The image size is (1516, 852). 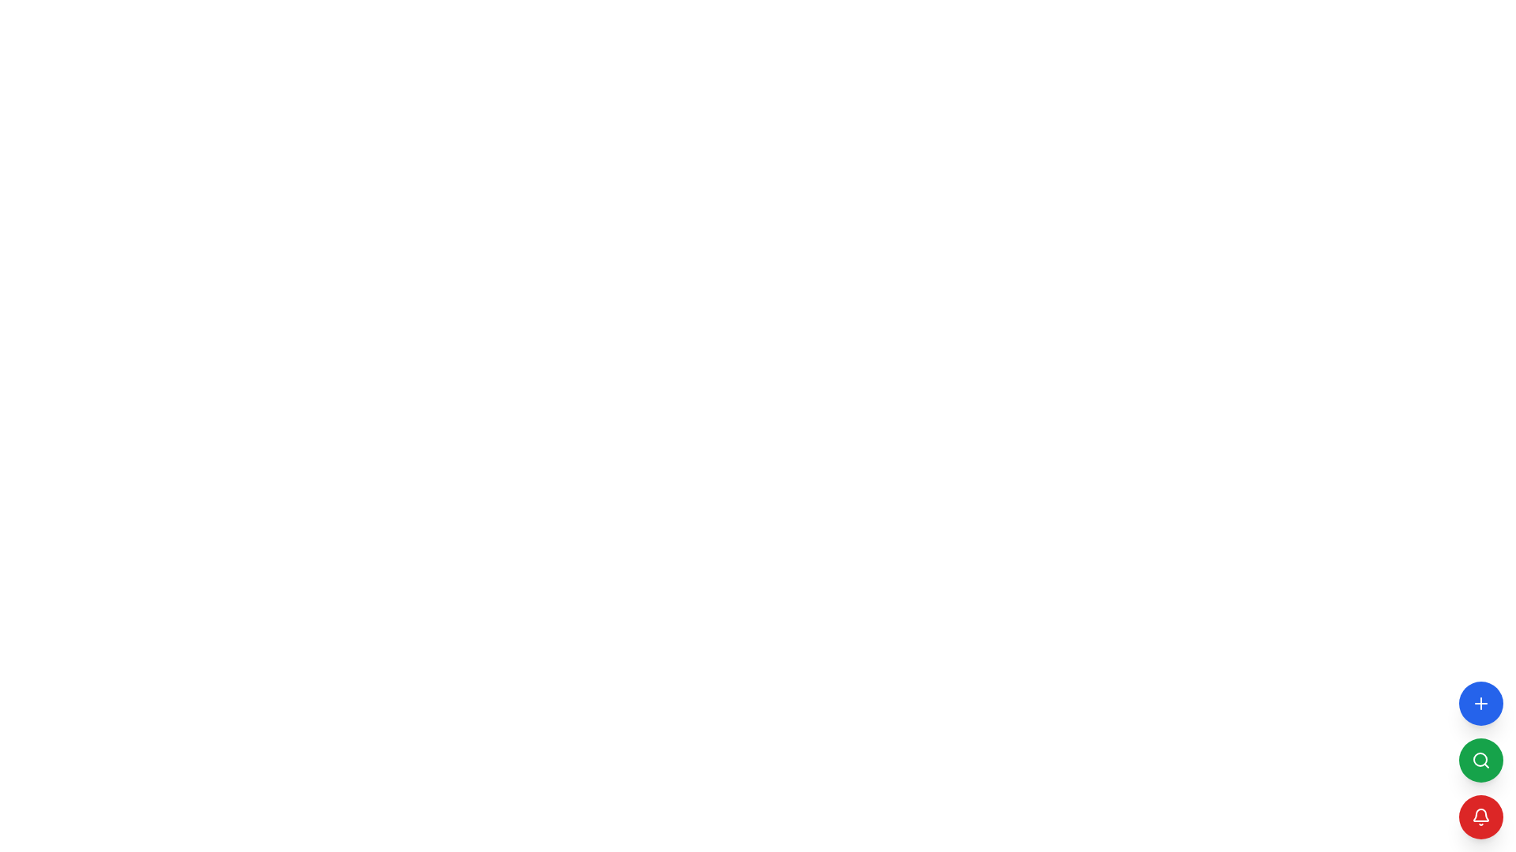 I want to click on the circular green button with a magnifying glass icon in the floating action menu to initiate a search, so click(x=1480, y=760).